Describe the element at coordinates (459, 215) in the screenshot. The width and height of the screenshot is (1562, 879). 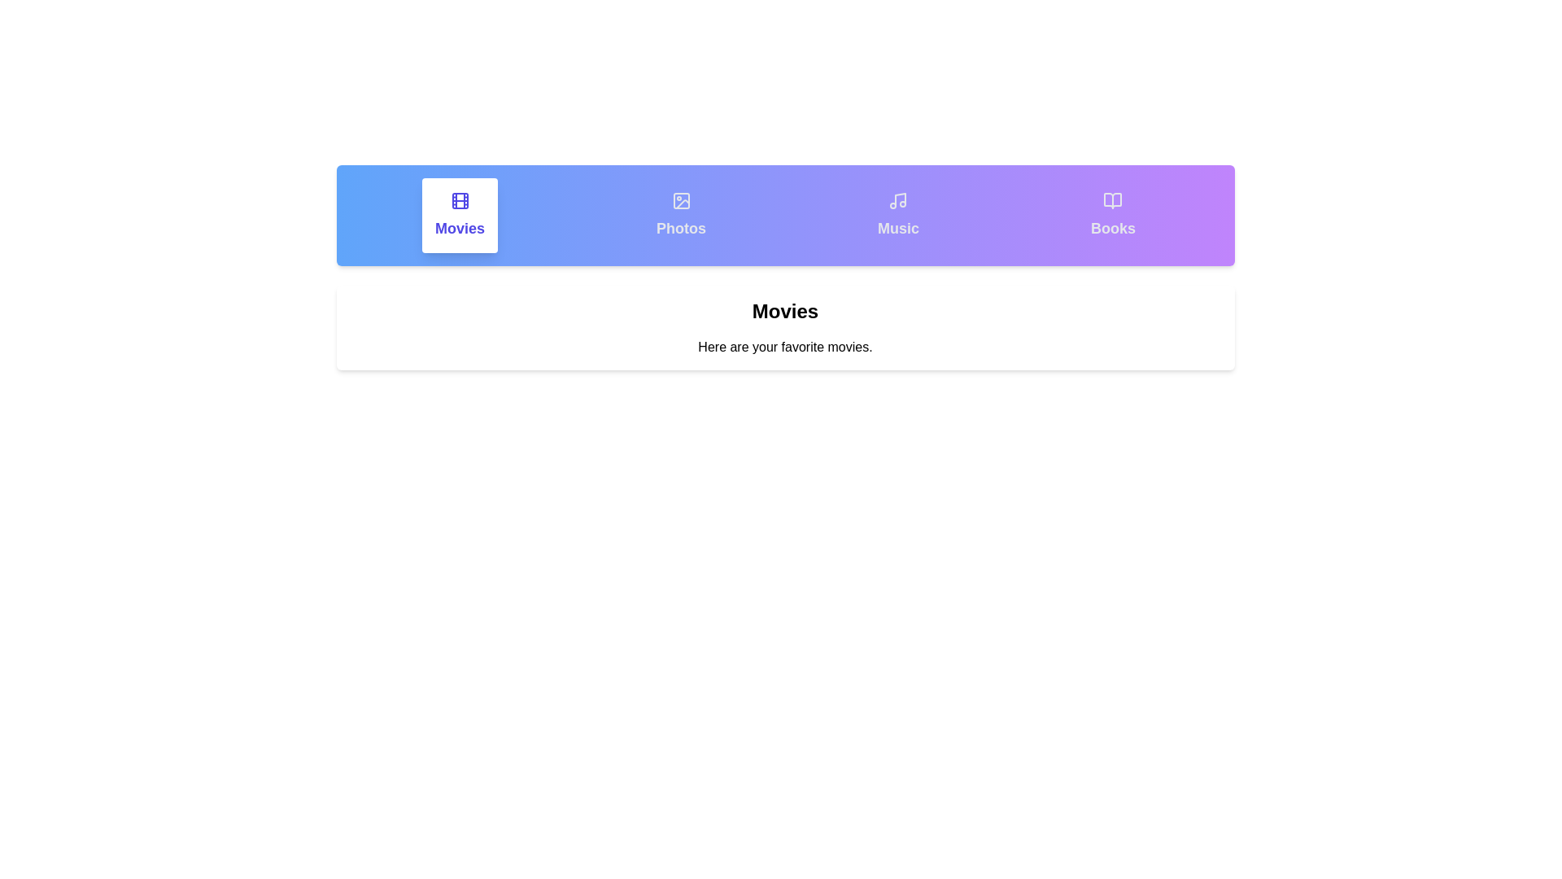
I see `the tab labeled Movies to display its content` at that location.